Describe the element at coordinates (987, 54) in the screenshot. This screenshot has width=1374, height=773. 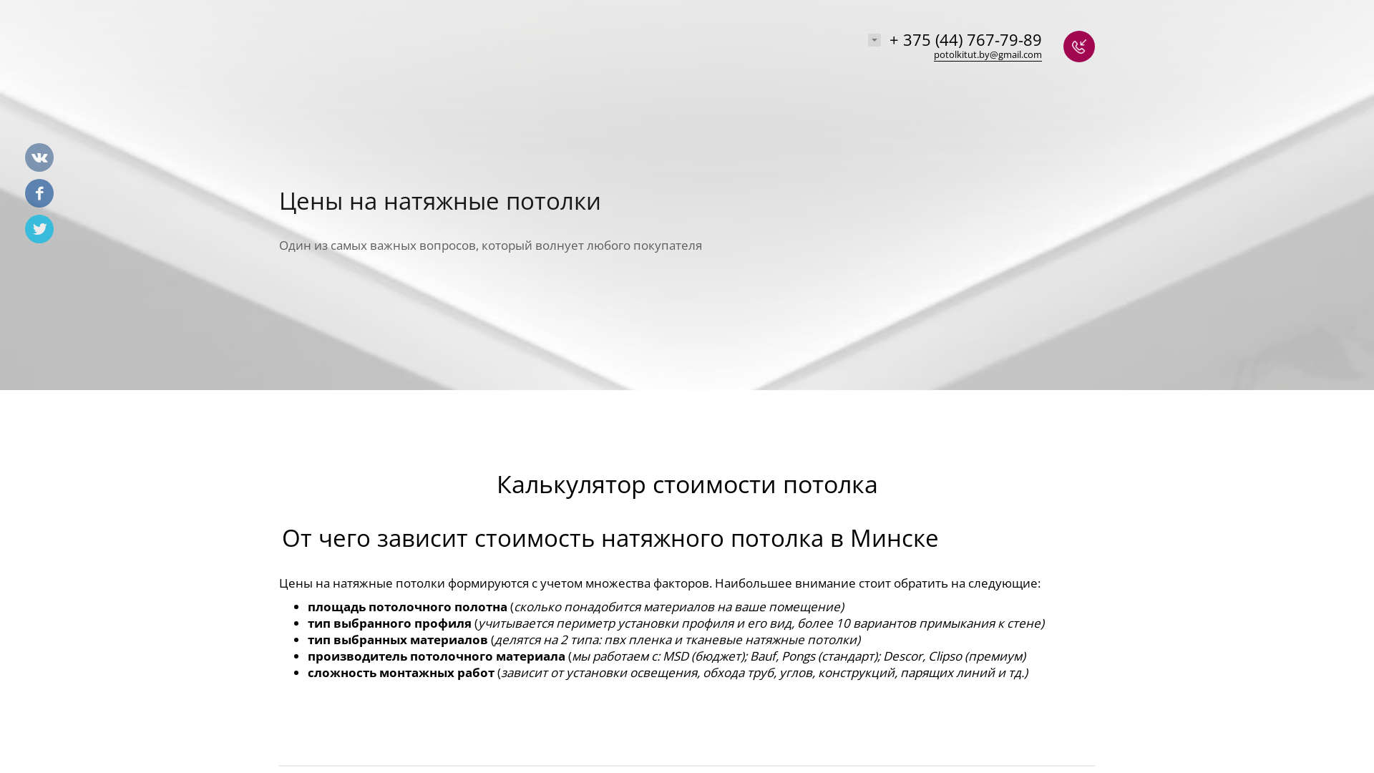
I see `'potolkitut.by@gmail.com'` at that location.